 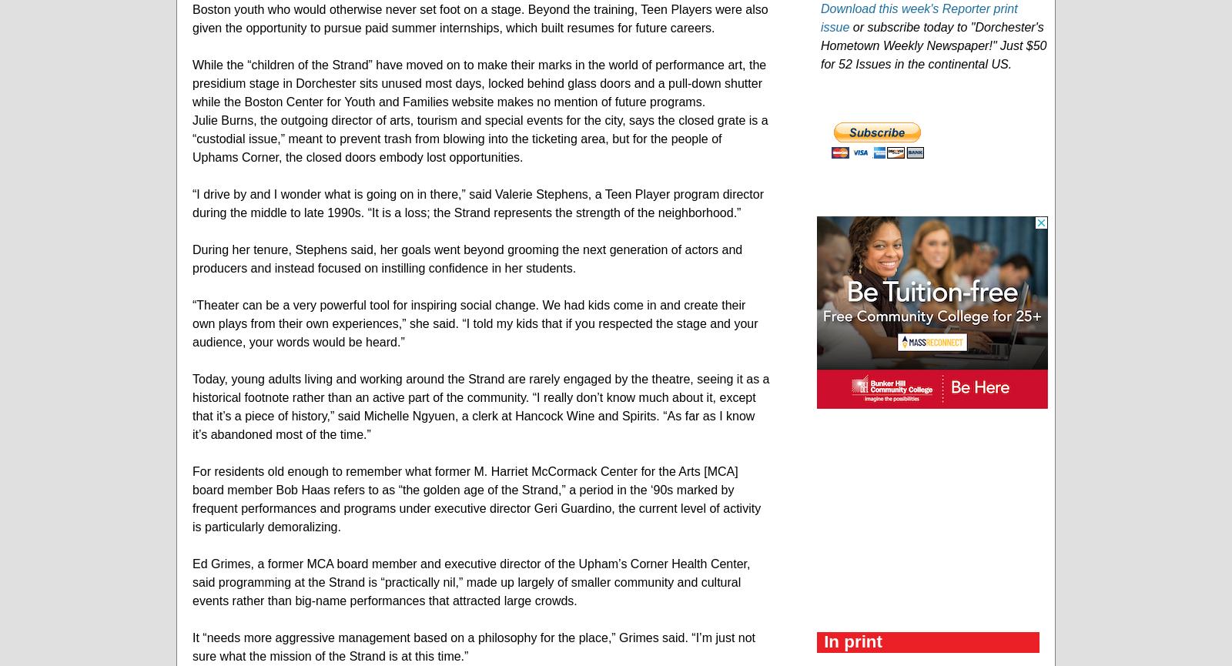 I want to click on '“Theater can be a very powerful tool for inspiring social change. We had kids come in and create their own plays from their own experiences,” she  said. “I told my kids that if you respected the stage and your audience, your words would be heard.”', so click(x=474, y=323).